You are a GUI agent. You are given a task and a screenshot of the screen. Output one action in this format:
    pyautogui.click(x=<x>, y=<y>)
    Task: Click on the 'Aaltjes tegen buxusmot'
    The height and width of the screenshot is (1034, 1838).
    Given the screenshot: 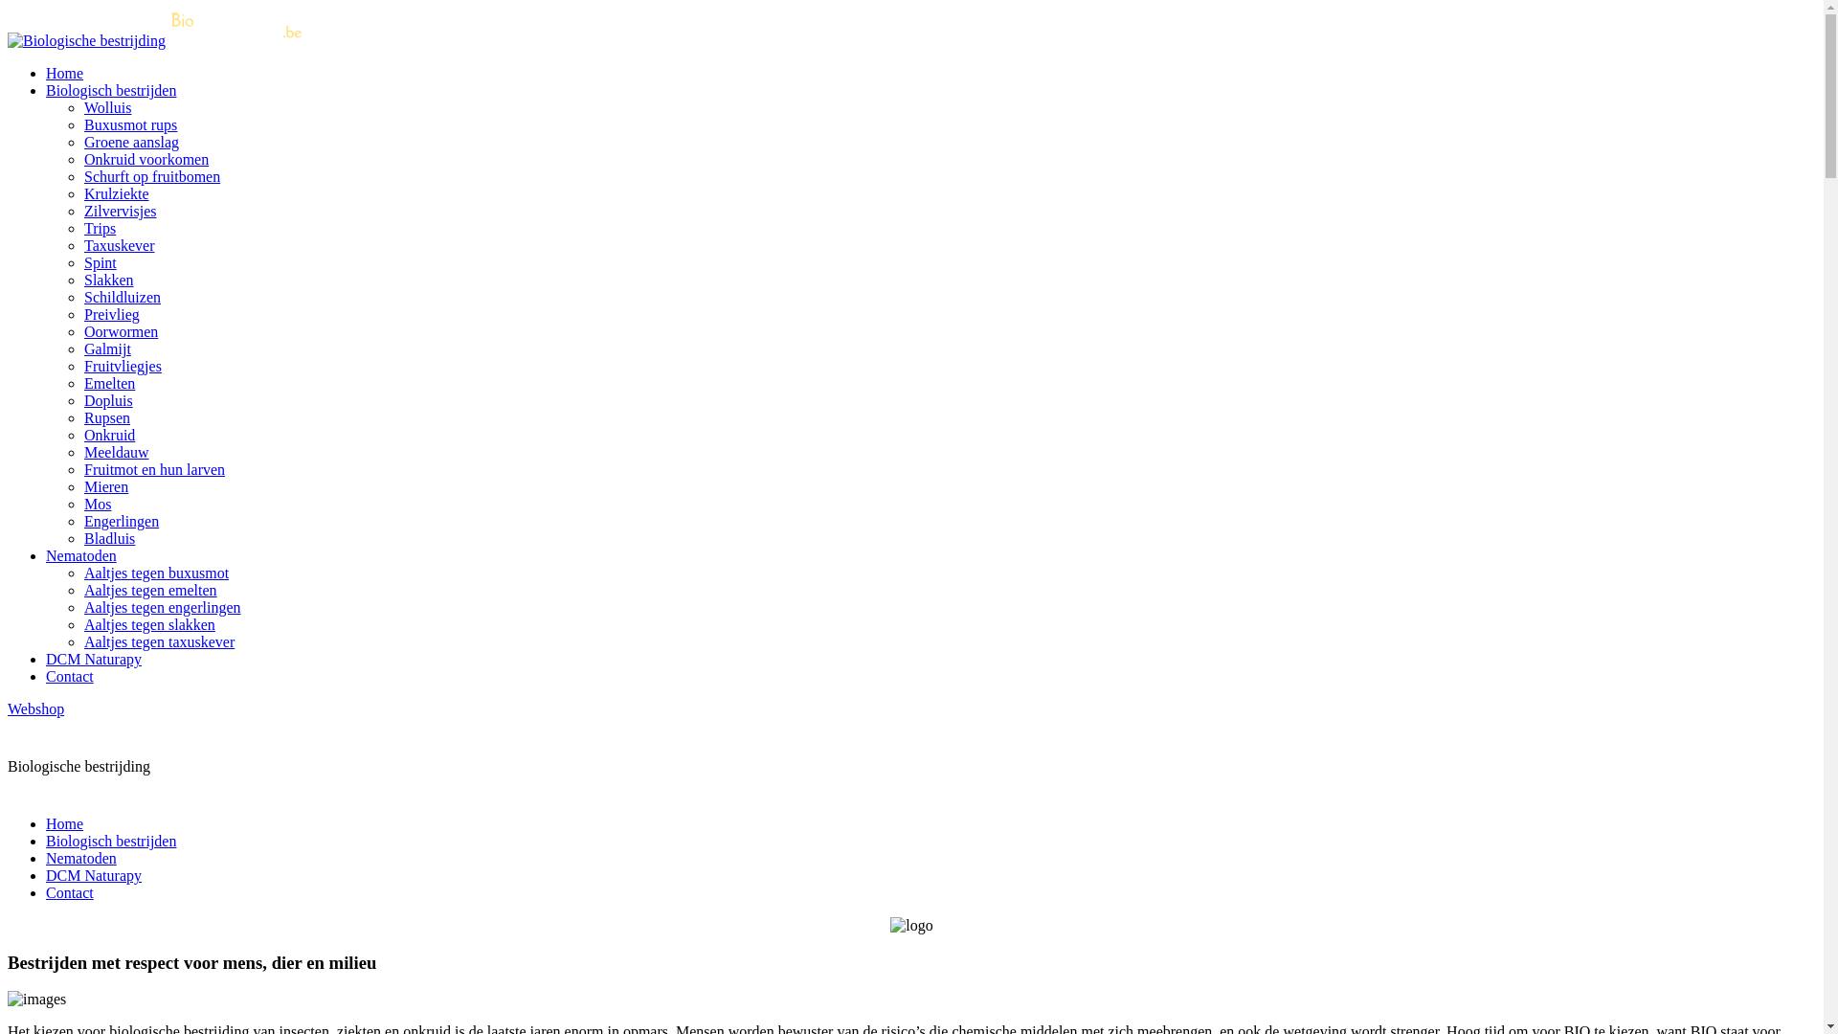 What is the action you would take?
    pyautogui.click(x=156, y=572)
    